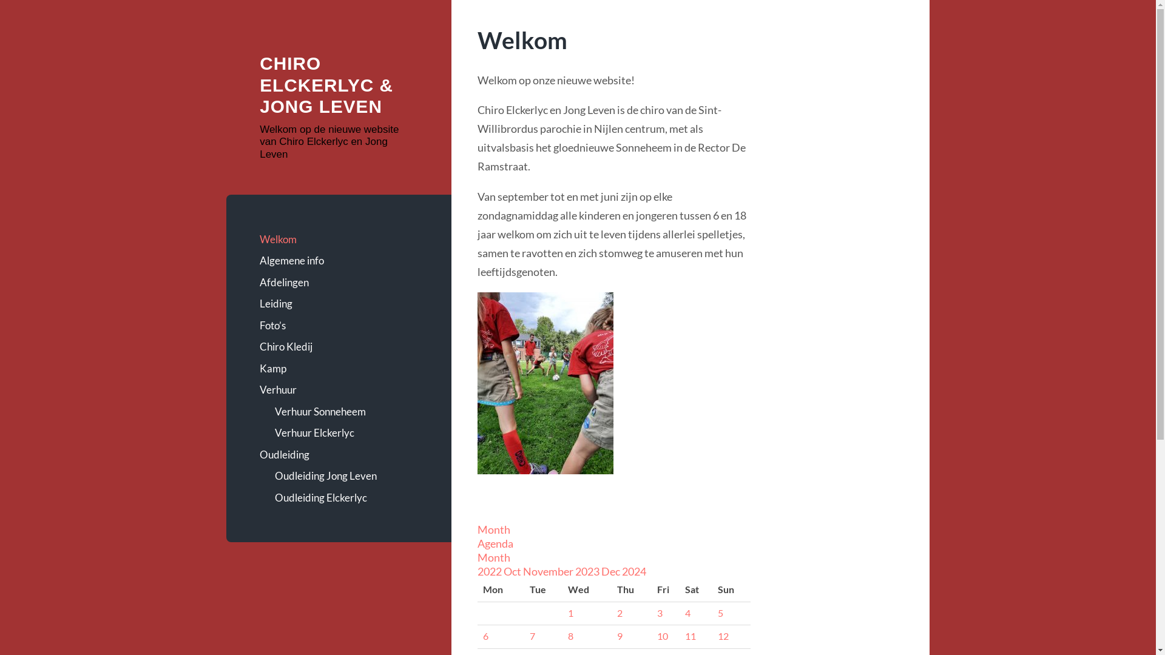  Describe the element at coordinates (617, 613) in the screenshot. I see `'2'` at that location.